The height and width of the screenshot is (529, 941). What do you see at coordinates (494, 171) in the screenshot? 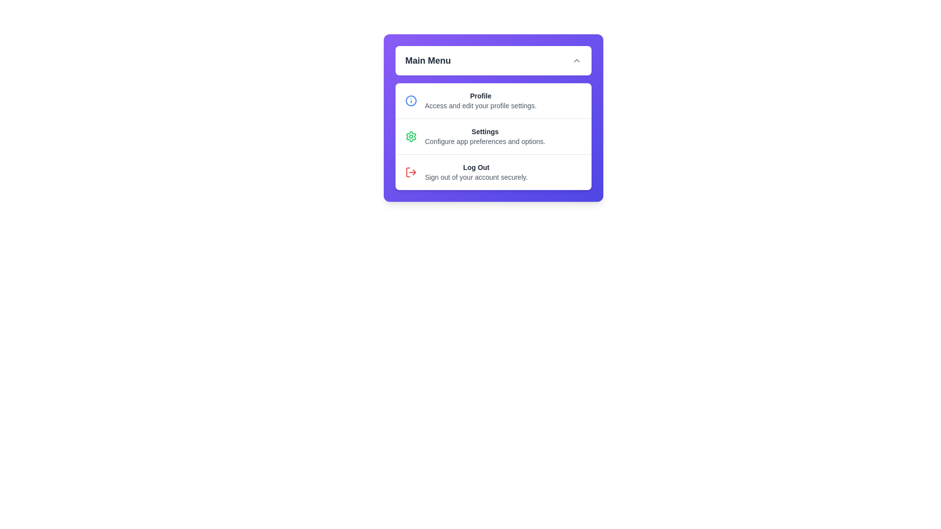
I see `the 'Log Out' option in the menu` at bounding box center [494, 171].